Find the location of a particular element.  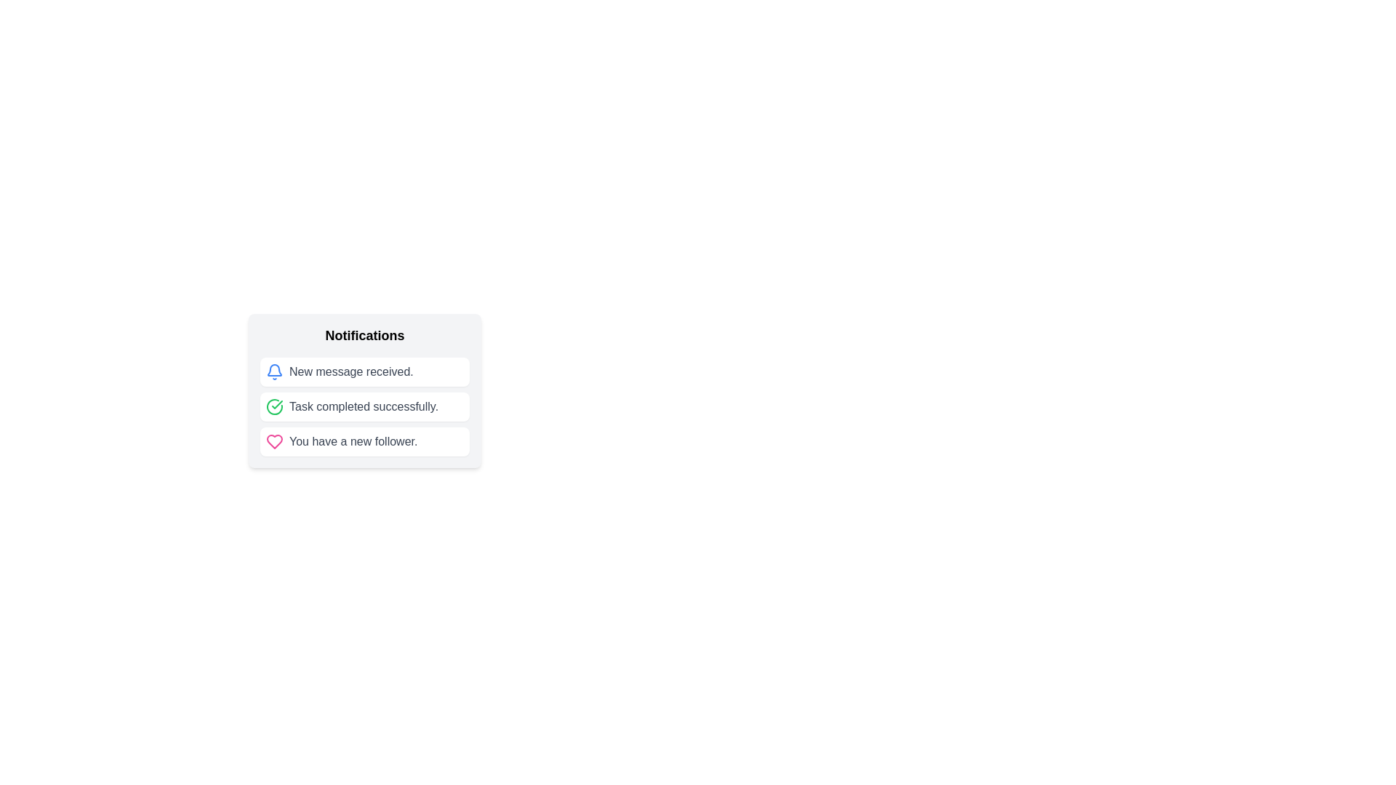

the circular green icon with a checkmark inside, which indicates a positive or completed status, located in the middle notification box adjacent to the text 'Task completed successfully.' is located at coordinates (275, 406).